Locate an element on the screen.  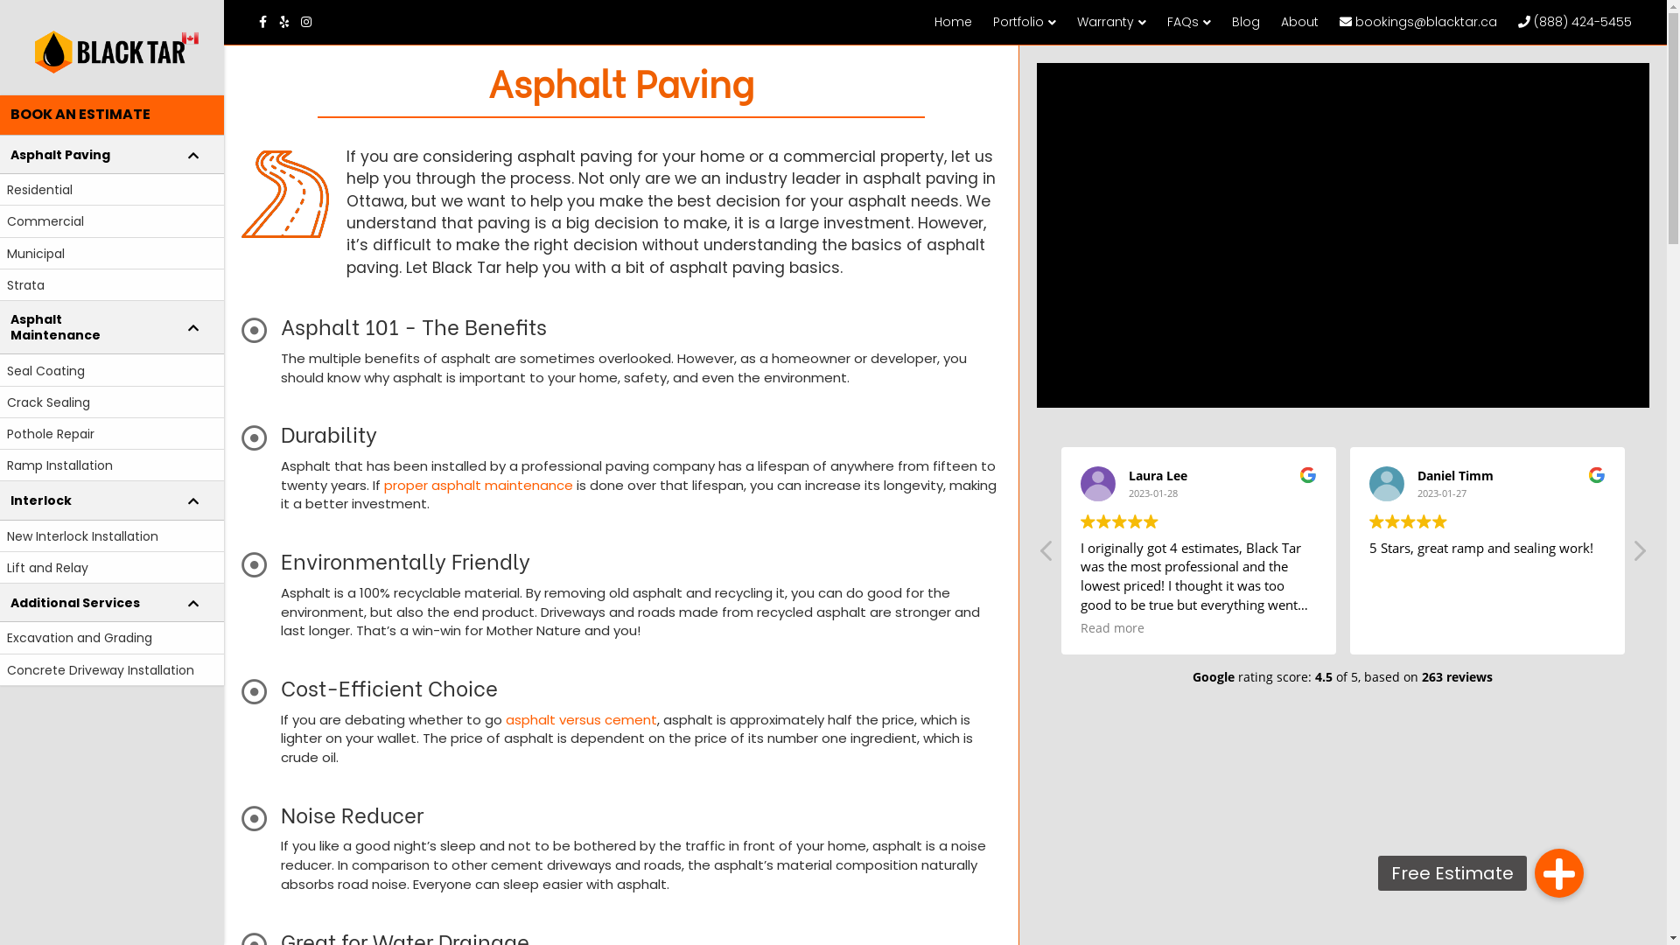
'Portfolio' is located at coordinates (1025, 22).